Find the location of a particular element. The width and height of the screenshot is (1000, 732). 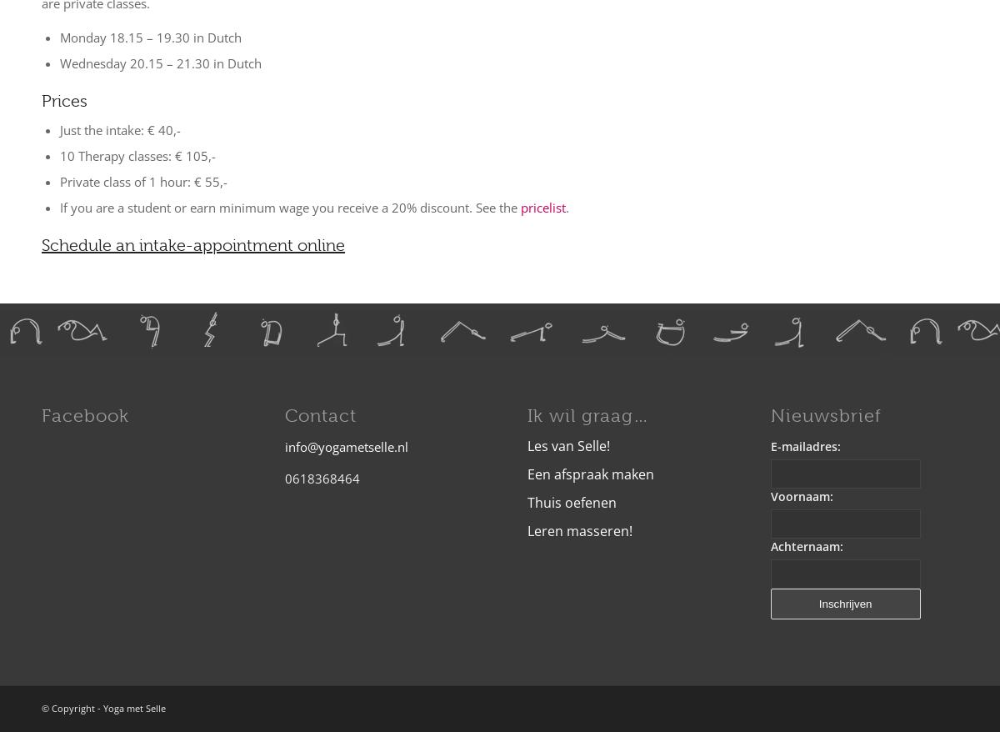

'0618368464' is located at coordinates (284, 477).